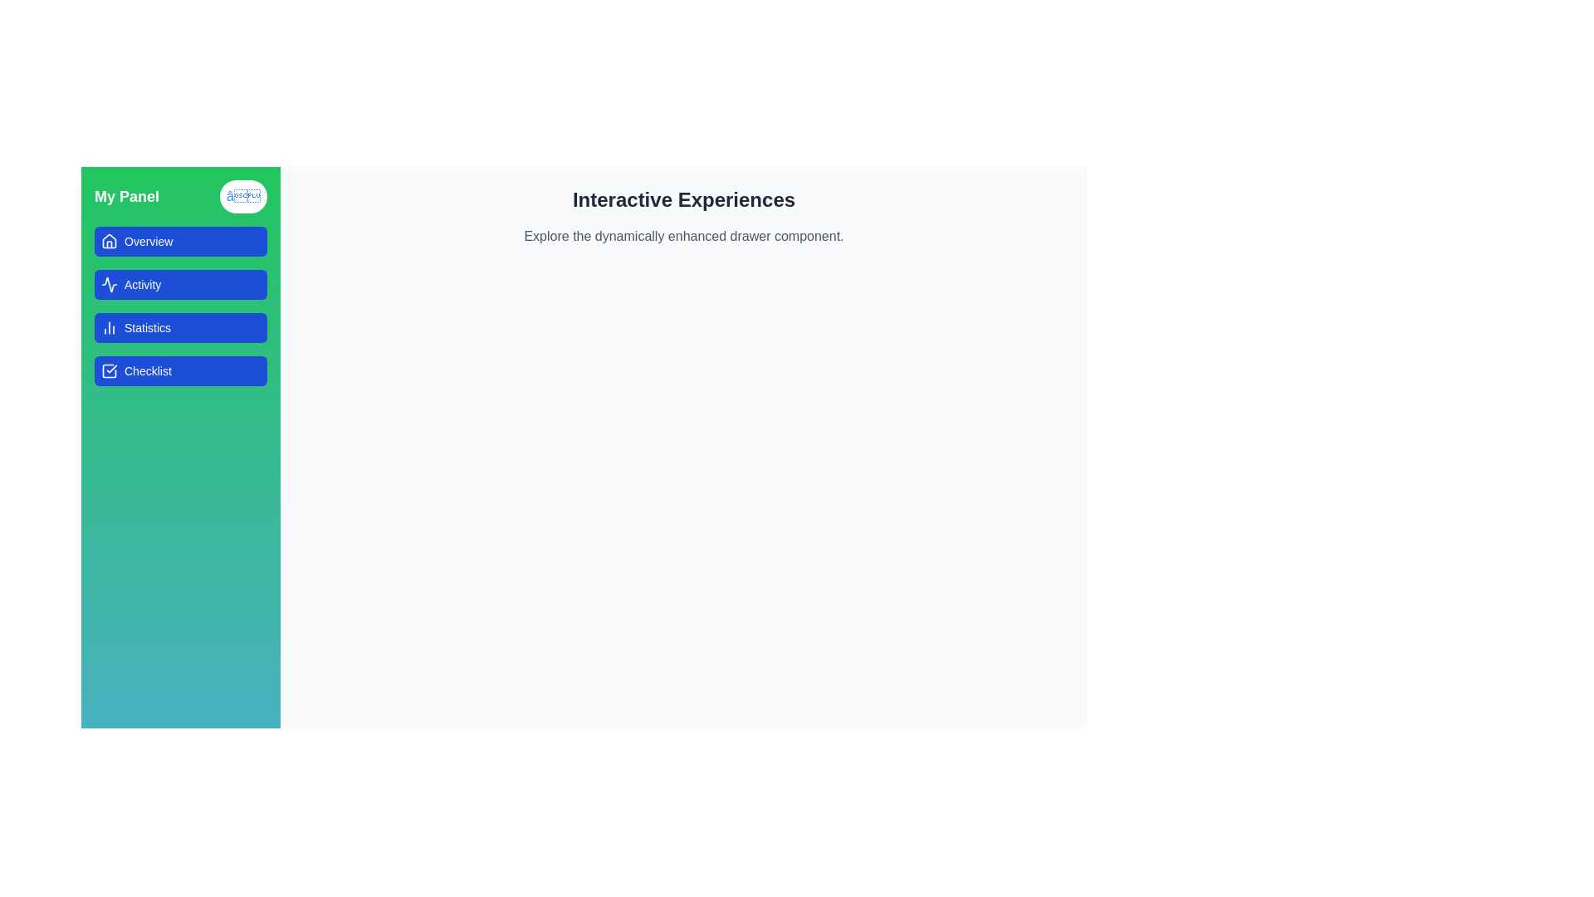 The width and height of the screenshot is (1594, 897). What do you see at coordinates (109, 241) in the screenshot?
I see `the 'Overview' icon in the navigation menu` at bounding box center [109, 241].